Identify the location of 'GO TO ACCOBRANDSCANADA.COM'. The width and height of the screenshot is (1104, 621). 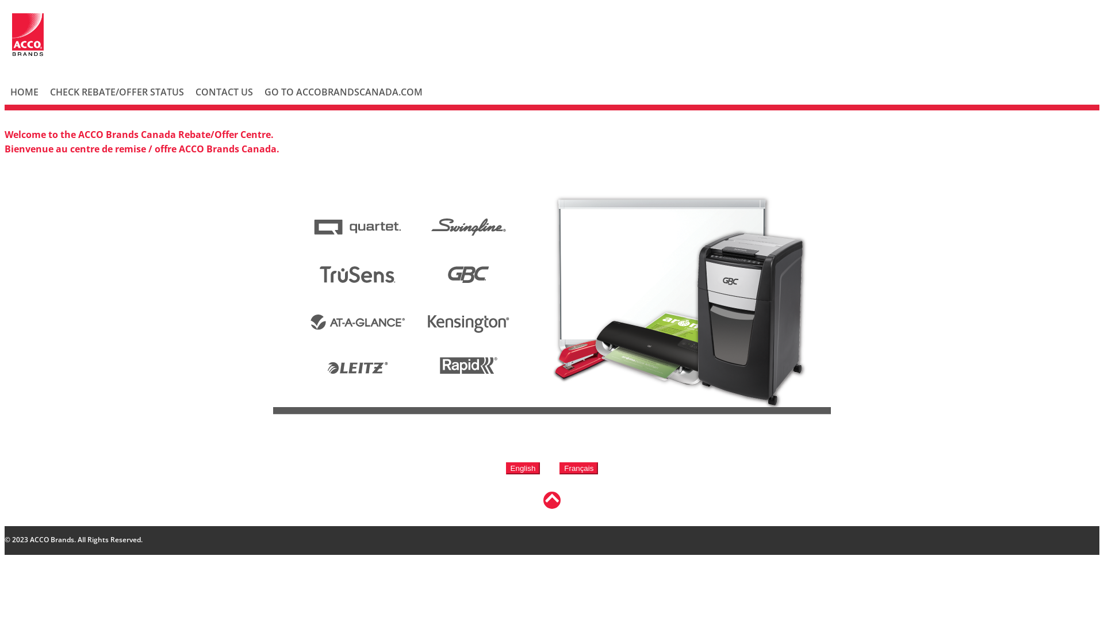
(343, 91).